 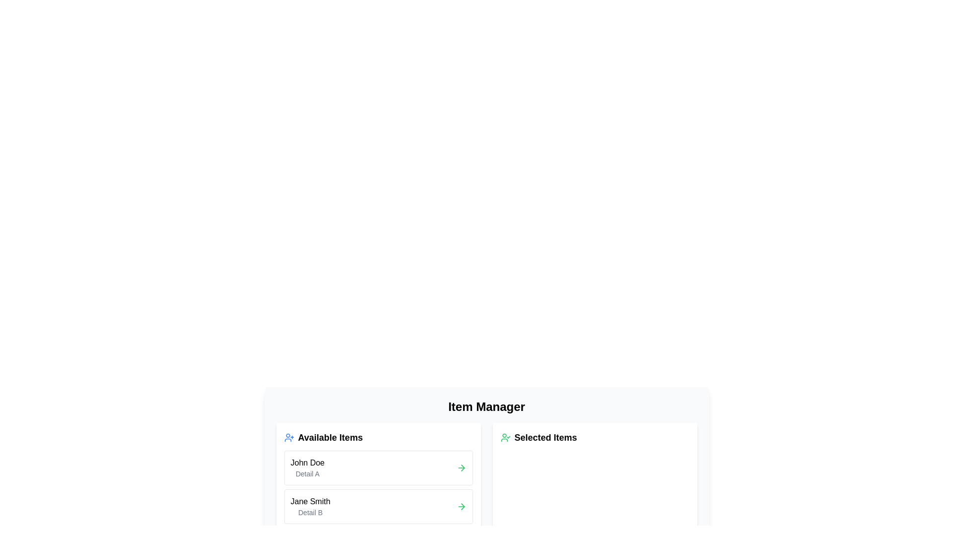 What do you see at coordinates (310, 513) in the screenshot?
I see `the text label 'Detail B' which is a smaller, light gray descriptive subtext located below the 'Jane Smith' label` at bounding box center [310, 513].